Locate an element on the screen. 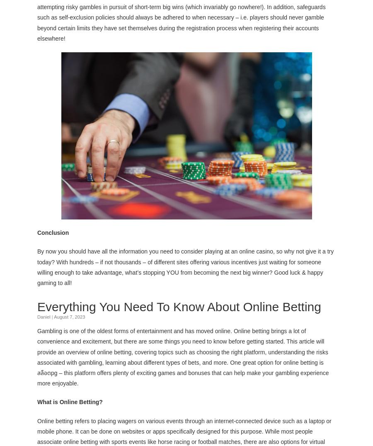 The image size is (373, 446). 'What is Online Betting?' is located at coordinates (70, 402).